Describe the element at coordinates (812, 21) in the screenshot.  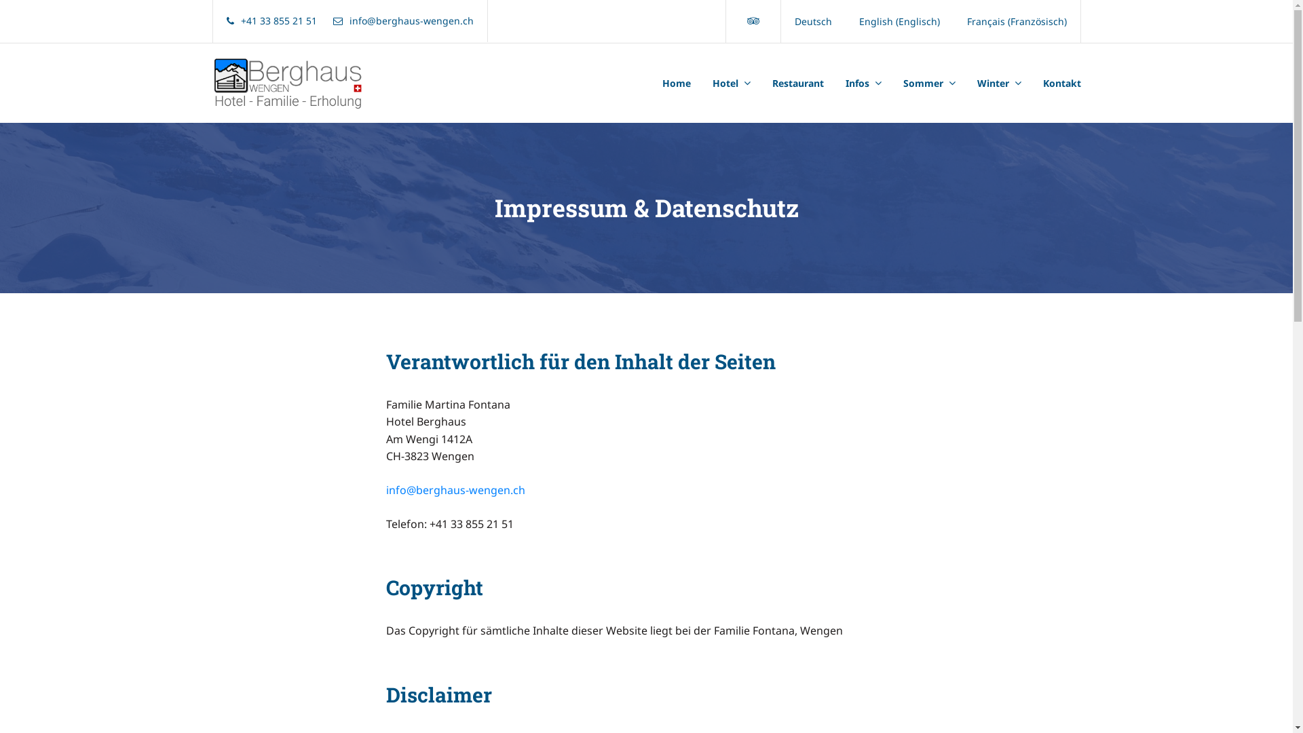
I see `'Deutsch'` at that location.